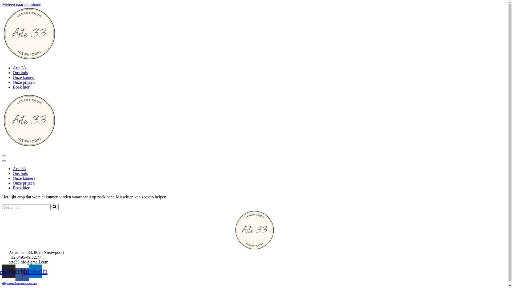  I want to click on 'Navigatie Menu', so click(4, 161).